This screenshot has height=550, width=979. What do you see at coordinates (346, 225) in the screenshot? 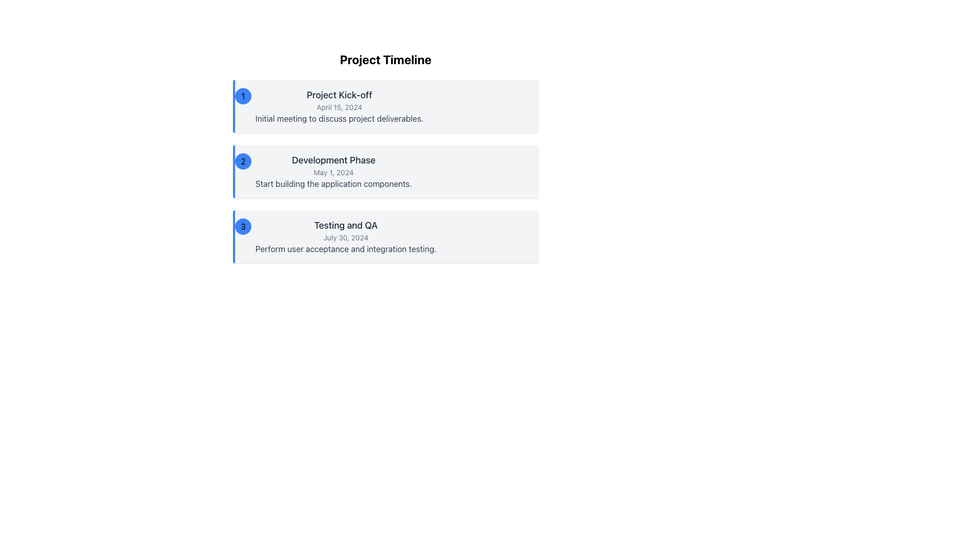
I see `the Text Label indicating the 'Testing and QA' section, which is located below the 'Development Phase' section` at bounding box center [346, 225].